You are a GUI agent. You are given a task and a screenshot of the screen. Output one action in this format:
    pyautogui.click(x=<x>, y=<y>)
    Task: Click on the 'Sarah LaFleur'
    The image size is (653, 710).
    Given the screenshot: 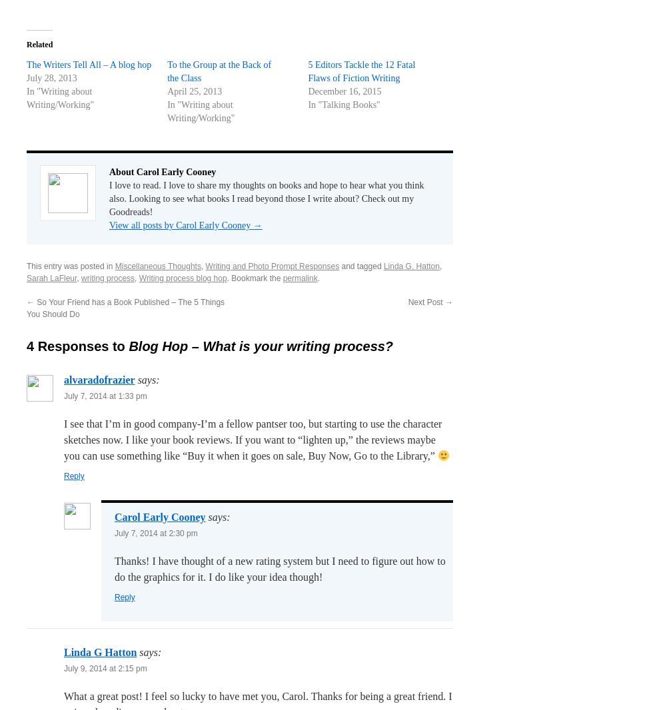 What is the action you would take?
    pyautogui.click(x=51, y=278)
    